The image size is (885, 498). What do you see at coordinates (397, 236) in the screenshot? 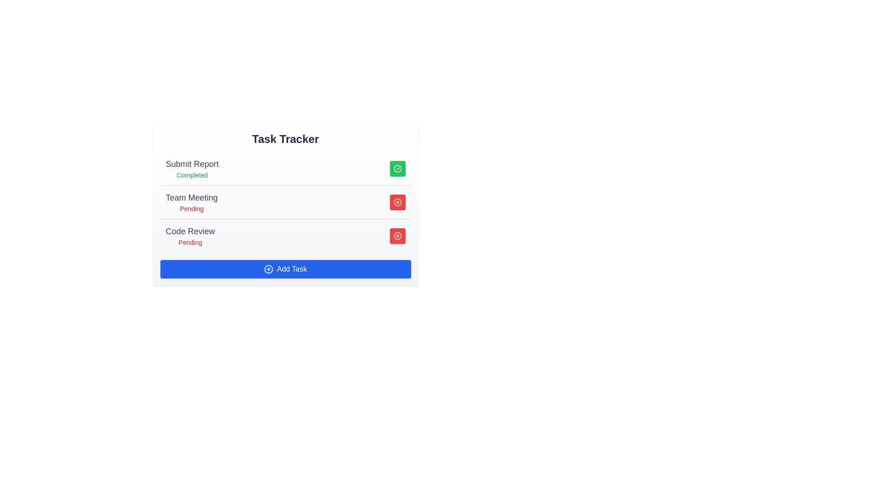
I see `the circular red button with a white cross located to the right of the text 'Pending' in the 'Code Review' row` at bounding box center [397, 236].